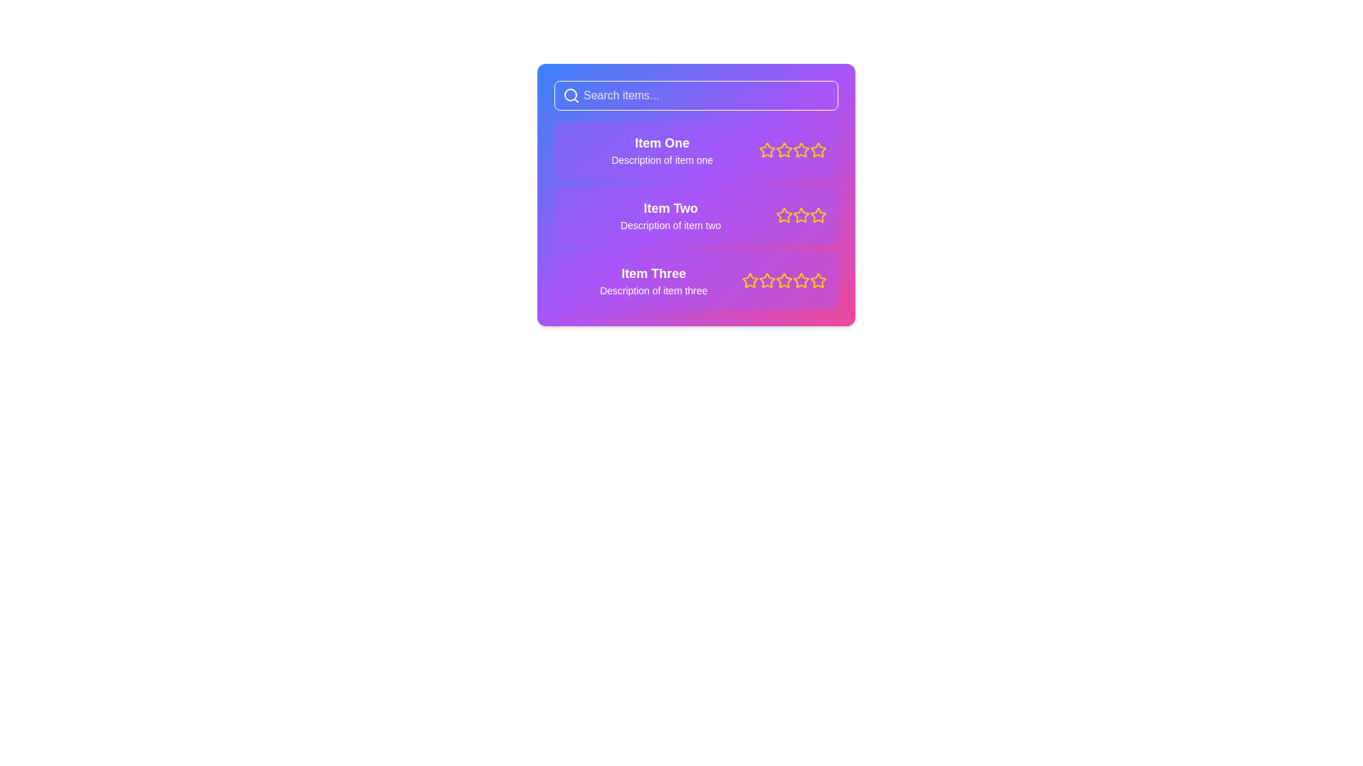 This screenshot has width=1363, height=766. What do you see at coordinates (766, 281) in the screenshot?
I see `the second star in the 5-star rating system for 'Item Three' to rate it` at bounding box center [766, 281].